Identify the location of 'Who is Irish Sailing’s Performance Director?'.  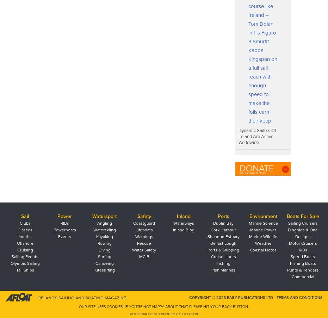
(139, 124).